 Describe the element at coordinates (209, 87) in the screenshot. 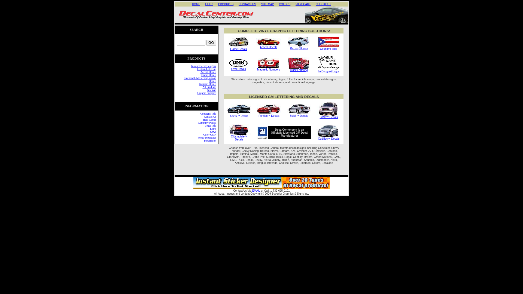

I see `'All Products'` at that location.